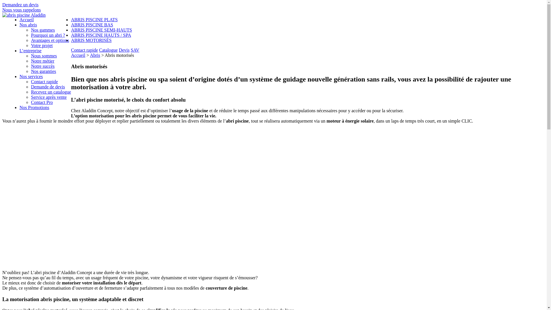 This screenshot has width=551, height=310. I want to click on 'SAV', so click(135, 50).